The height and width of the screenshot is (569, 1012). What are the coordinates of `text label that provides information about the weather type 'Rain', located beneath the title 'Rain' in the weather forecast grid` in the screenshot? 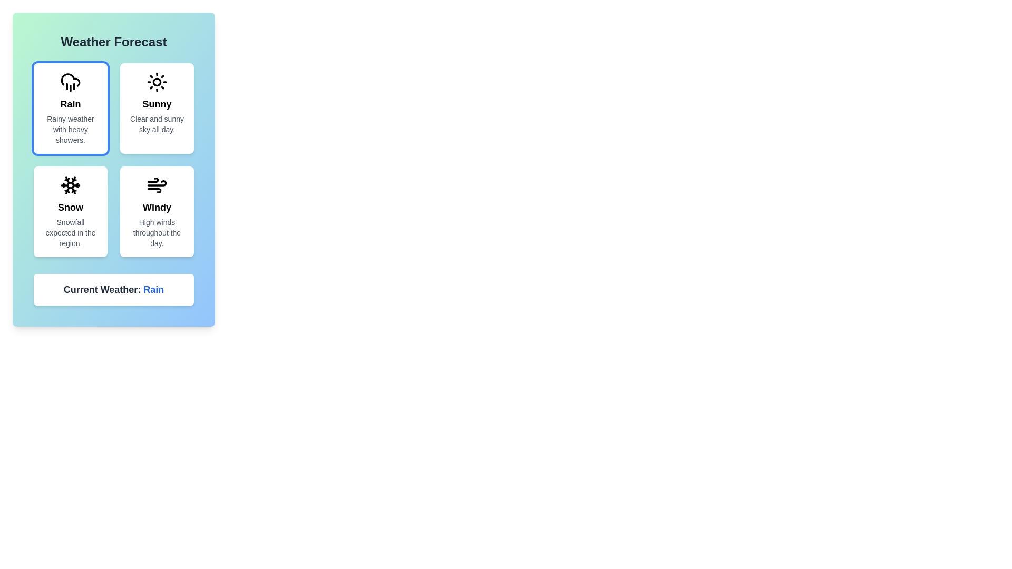 It's located at (70, 129).